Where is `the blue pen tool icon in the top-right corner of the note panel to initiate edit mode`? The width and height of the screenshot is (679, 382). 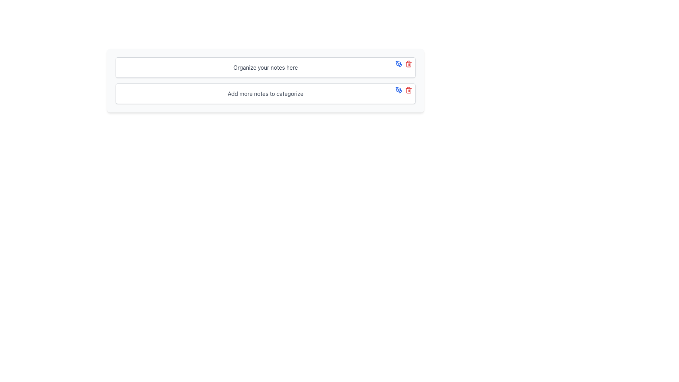
the blue pen tool icon in the top-right corner of the note panel to initiate edit mode is located at coordinates (399, 64).